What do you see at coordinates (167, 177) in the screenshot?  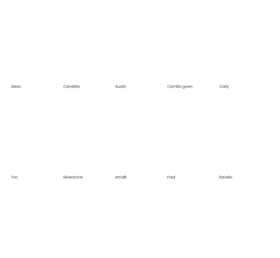 I see `'Fred'` at bounding box center [167, 177].